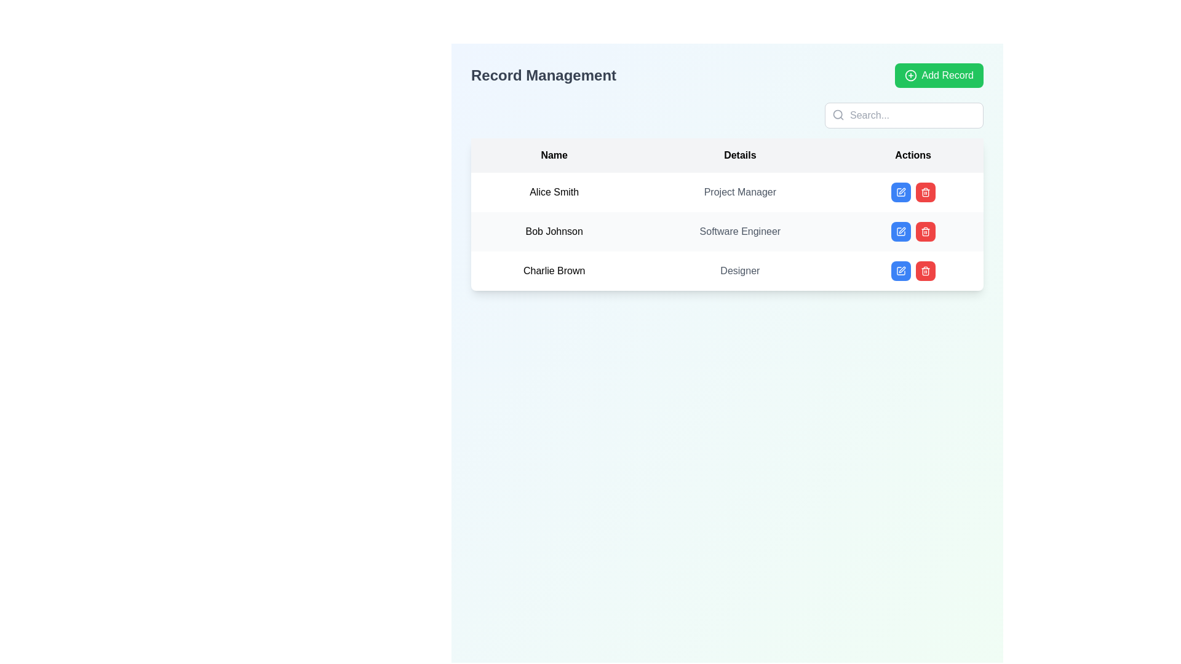 The image size is (1181, 664). I want to click on the buttons in the 'Actions' column for 'Alice Smith', so click(913, 192).